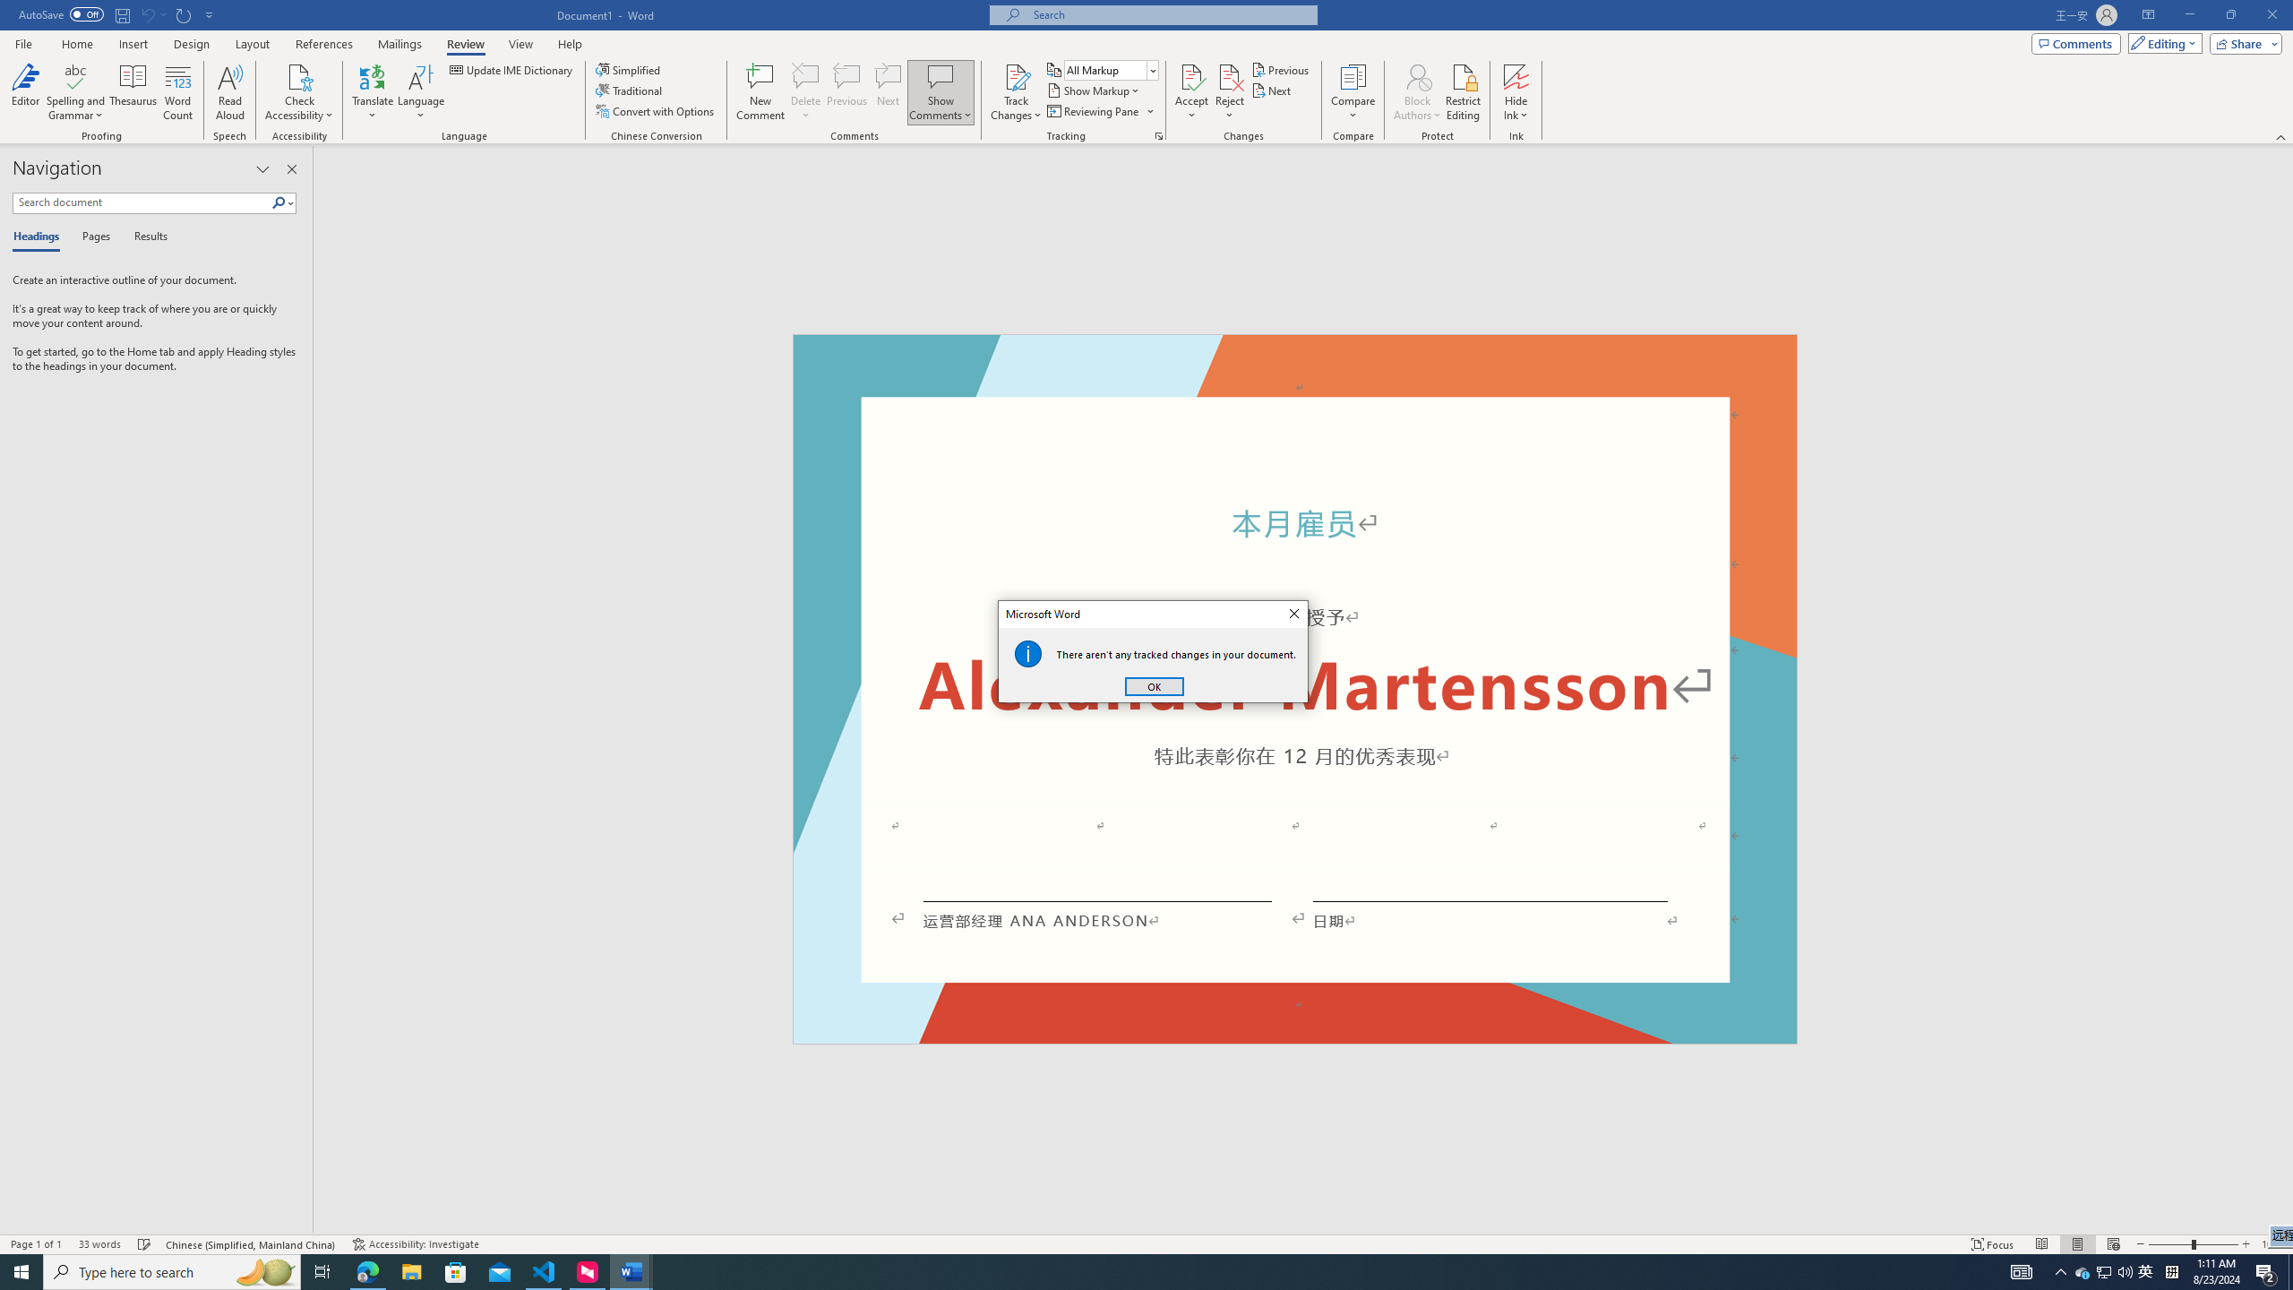 The width and height of the screenshot is (2293, 1290). I want to click on 'Zoom 100%', so click(2272, 1244).